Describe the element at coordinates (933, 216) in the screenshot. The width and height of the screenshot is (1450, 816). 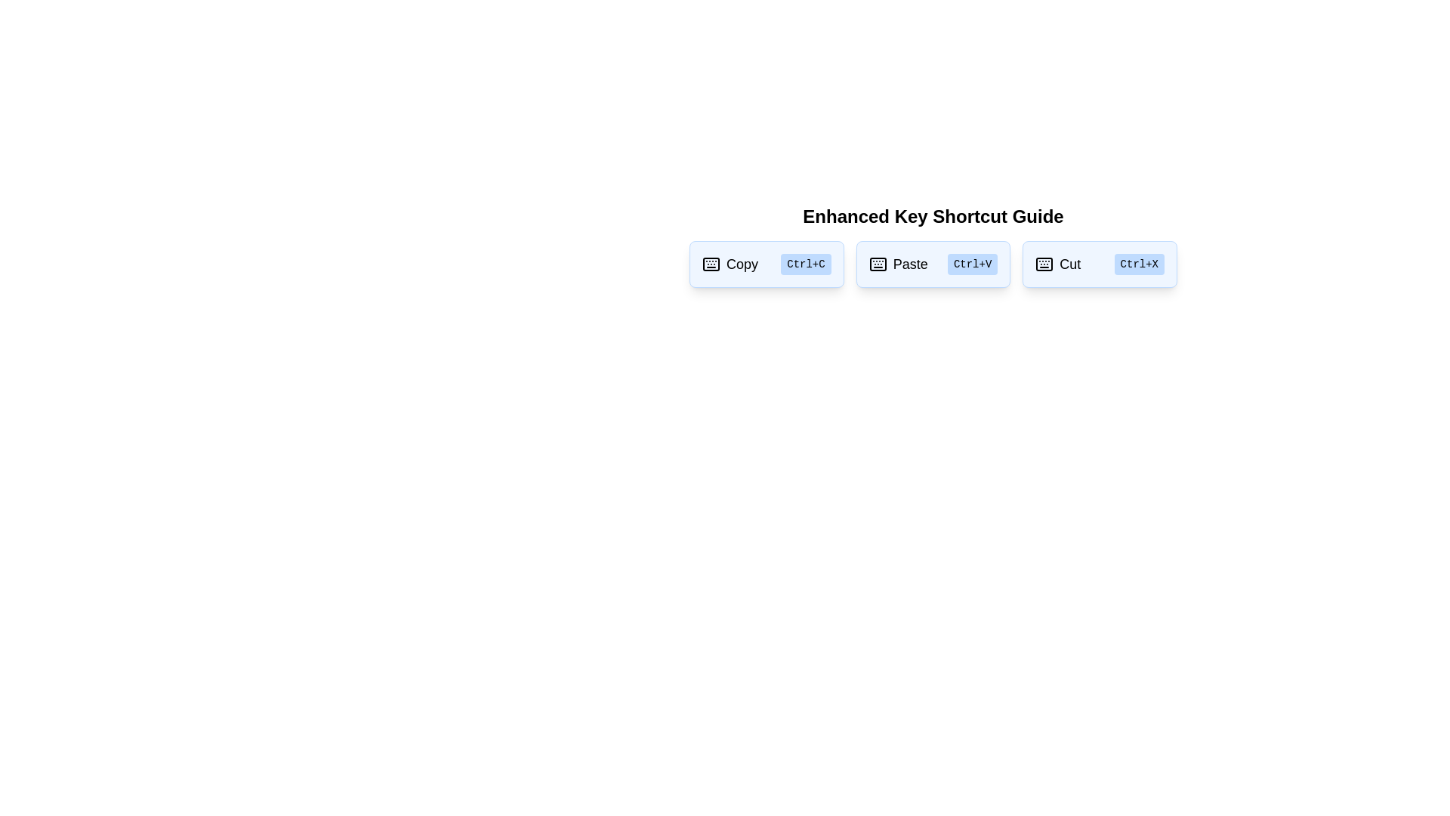
I see `Text header that serves as the title for the guide on key shortcuts, which is centrally positioned above the shortcut elements for 'Copy', 'Paste', and 'Cut'` at that location.